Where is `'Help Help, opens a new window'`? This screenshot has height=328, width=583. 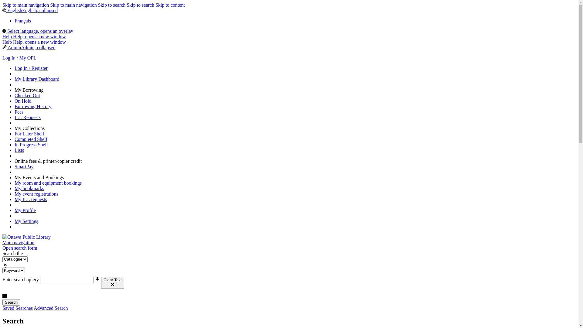
'Help Help, opens a new window' is located at coordinates (34, 42).